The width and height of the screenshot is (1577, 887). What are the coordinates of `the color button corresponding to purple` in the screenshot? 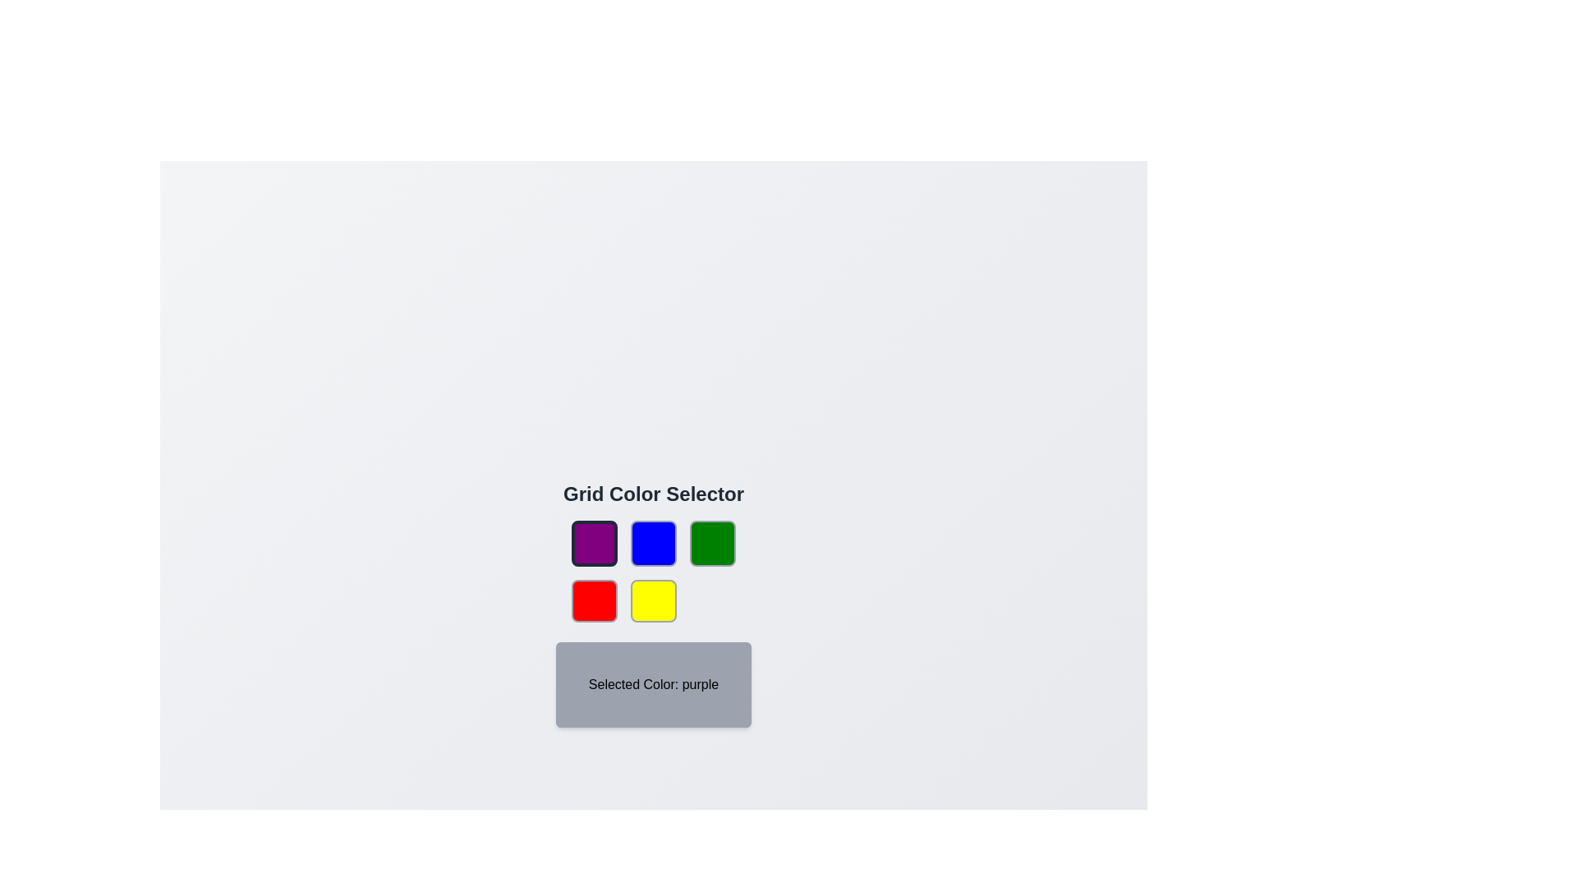 It's located at (594, 544).